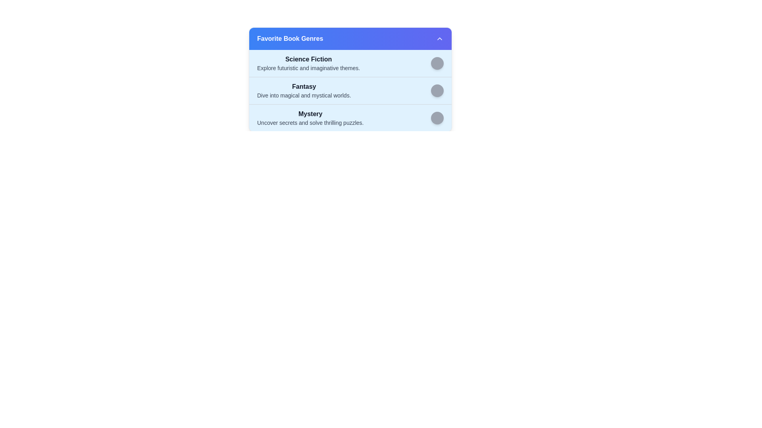 This screenshot has height=428, width=762. Describe the element at coordinates (310, 122) in the screenshot. I see `the informational text label about the 'Mystery' genre located in the third section of the 'Favorite Book Genres' list` at that location.